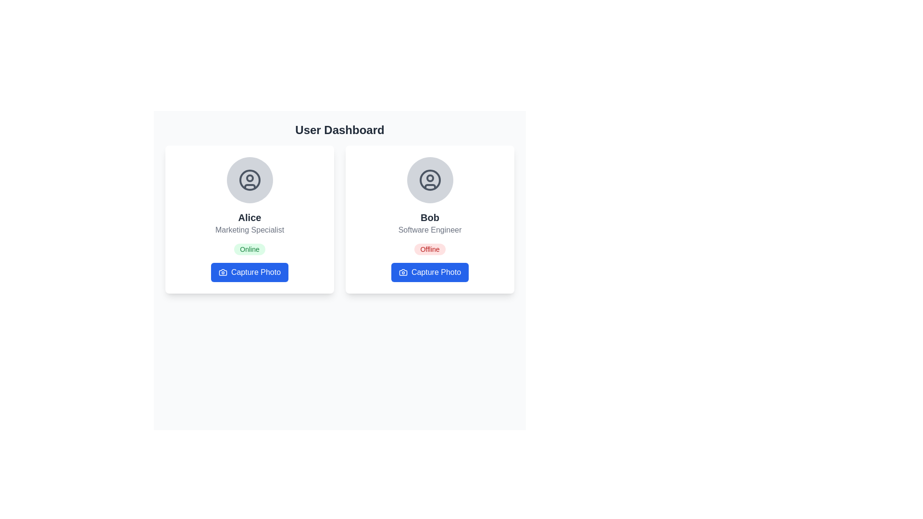 The image size is (923, 519). What do you see at coordinates (249, 230) in the screenshot?
I see `the static text label displaying 'Marketing Specialist', which is located below the name 'Alice' and above the green badge with 'Online'` at bounding box center [249, 230].